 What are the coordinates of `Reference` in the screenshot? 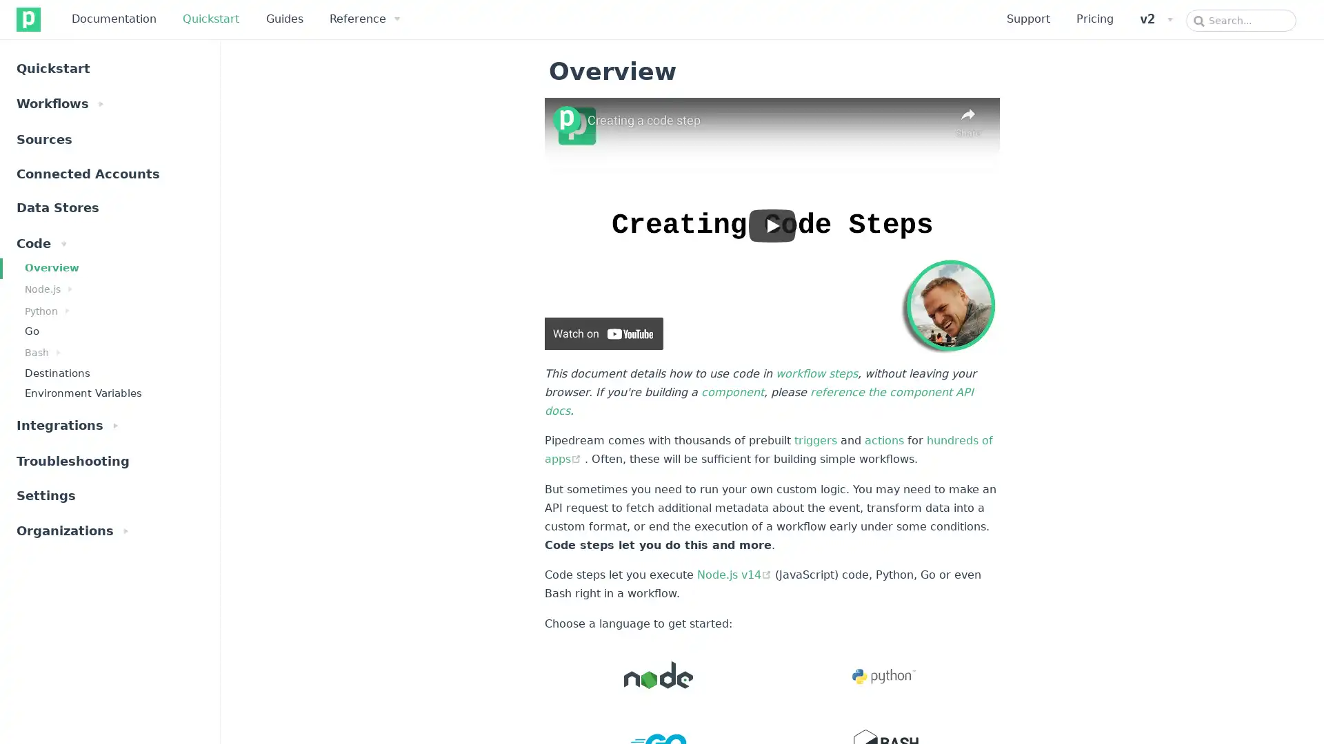 It's located at (364, 19).